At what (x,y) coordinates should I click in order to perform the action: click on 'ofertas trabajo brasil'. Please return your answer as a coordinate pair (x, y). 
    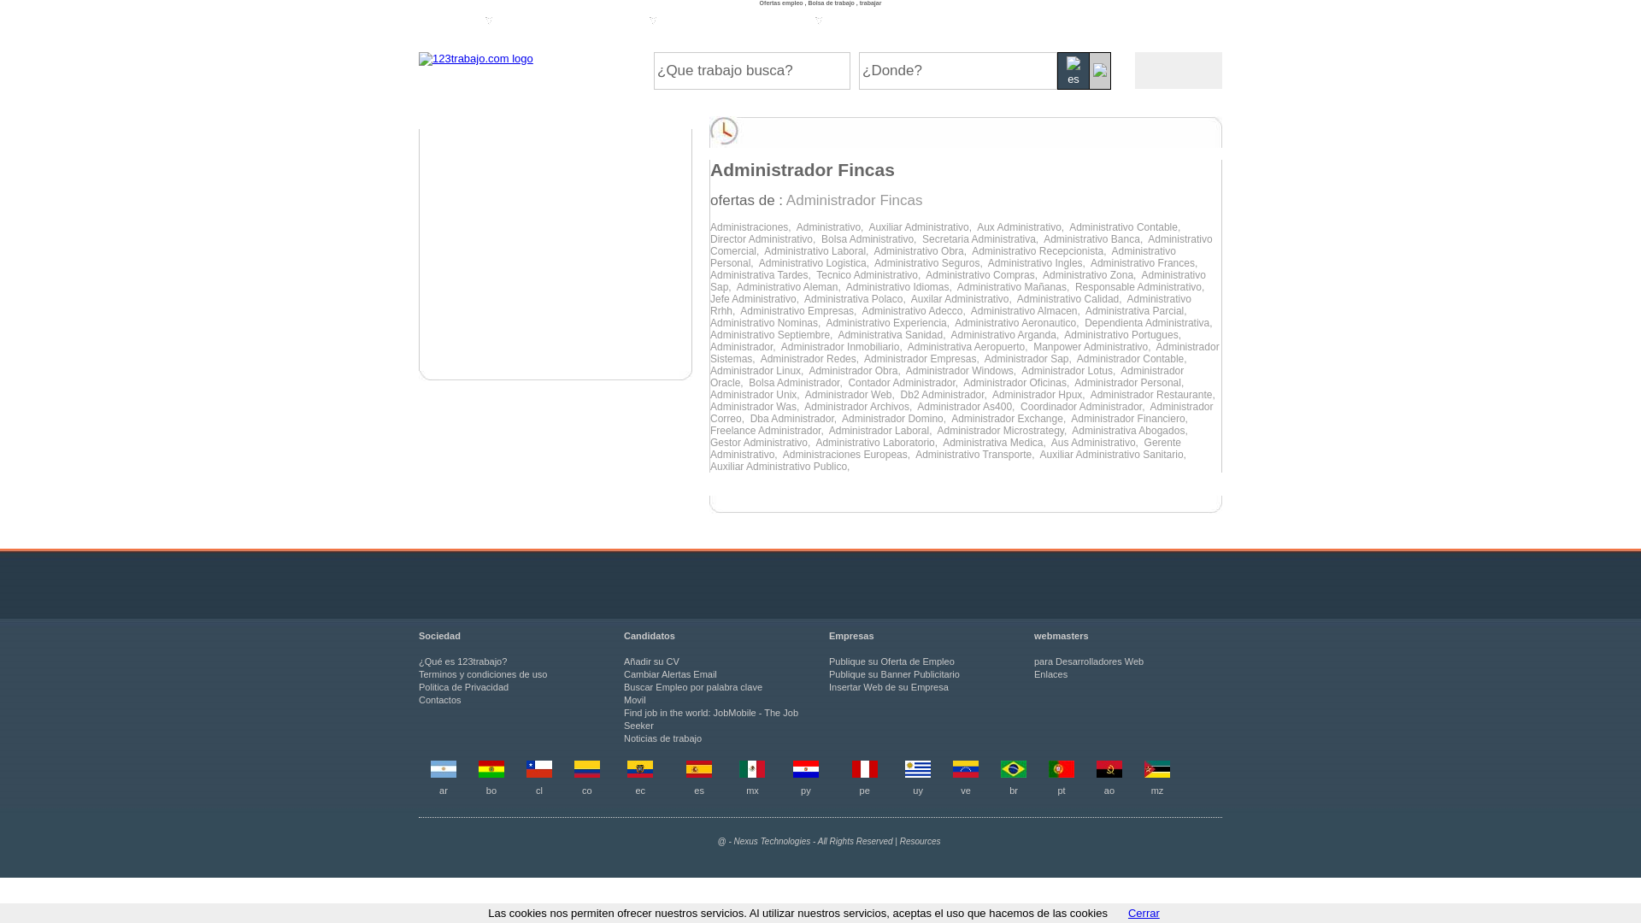
    Looking at the image, I should click on (1013, 774).